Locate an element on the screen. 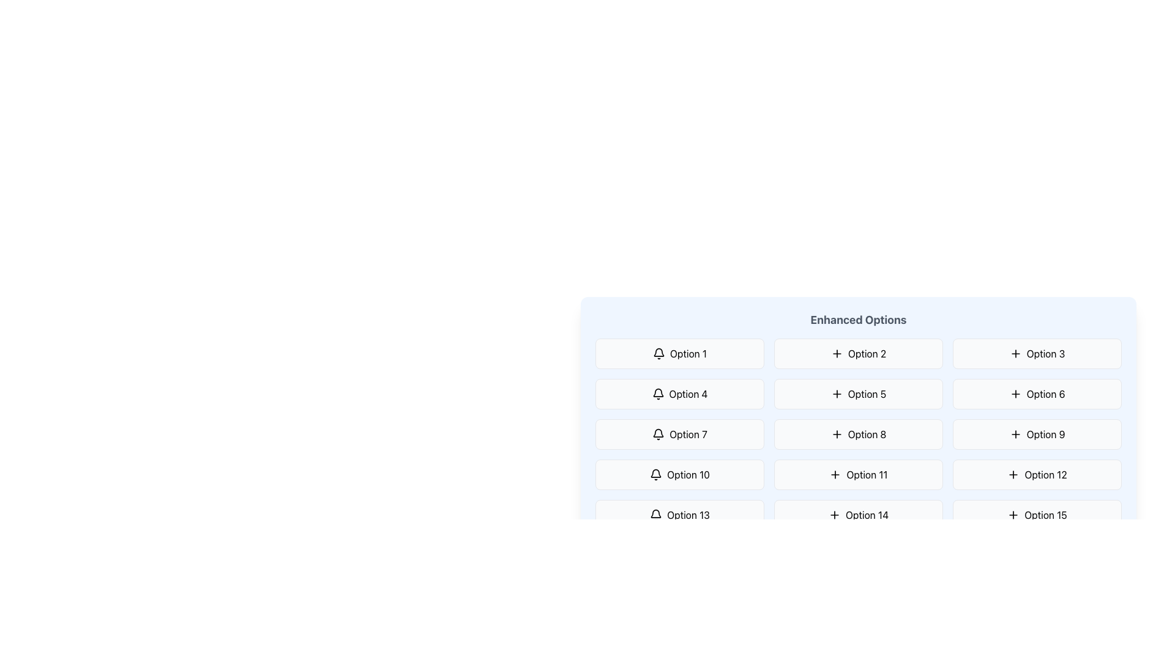 The width and height of the screenshot is (1175, 660). the bell icon inside the 'Option 10' button located in the bottom-left corner of the 'Enhanced Options' grid is located at coordinates (655, 474).